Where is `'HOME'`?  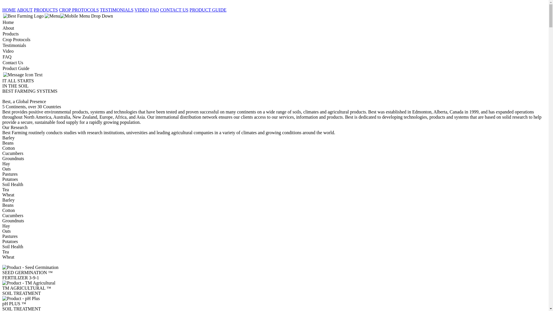 'HOME' is located at coordinates (9, 10).